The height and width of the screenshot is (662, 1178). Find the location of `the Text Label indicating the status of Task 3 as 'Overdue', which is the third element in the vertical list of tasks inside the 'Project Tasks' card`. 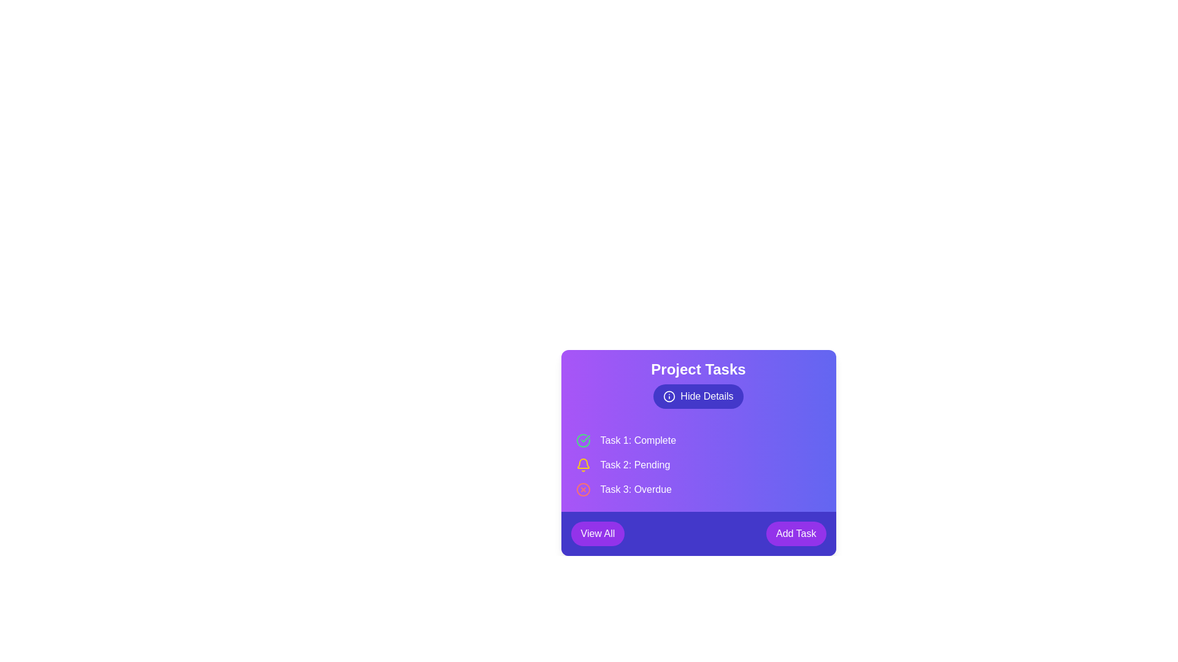

the Text Label indicating the status of Task 3 as 'Overdue', which is the third element in the vertical list of tasks inside the 'Project Tasks' card is located at coordinates (636, 489).